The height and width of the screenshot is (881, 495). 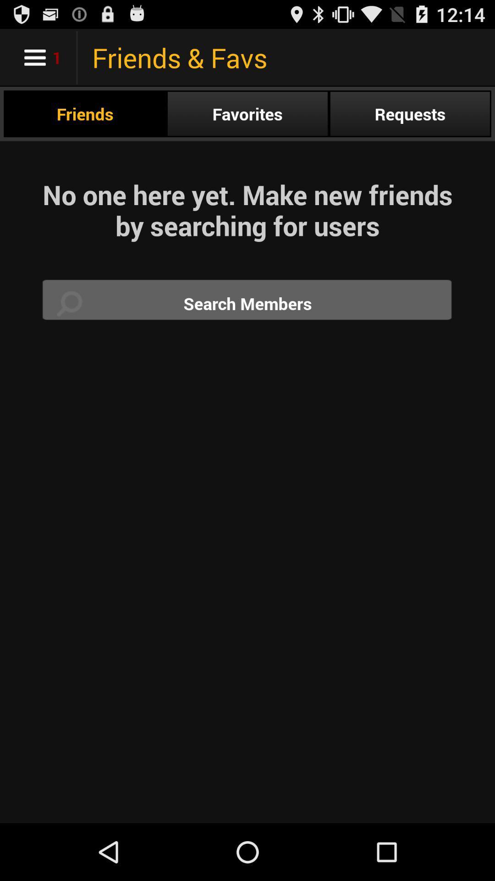 I want to click on app below the friends & favs app, so click(x=409, y=113).